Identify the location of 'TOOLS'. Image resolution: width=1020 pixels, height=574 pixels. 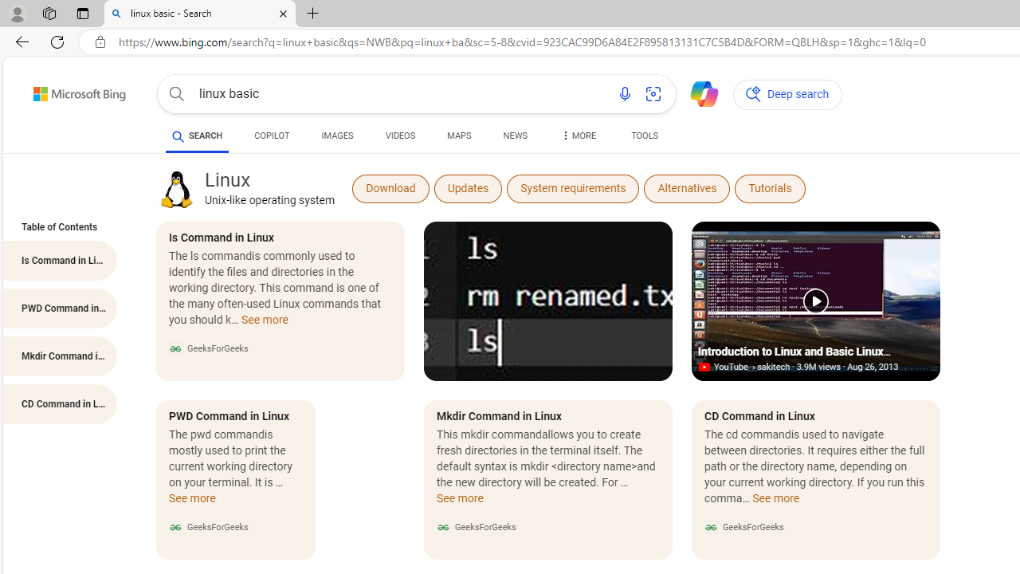
(644, 136).